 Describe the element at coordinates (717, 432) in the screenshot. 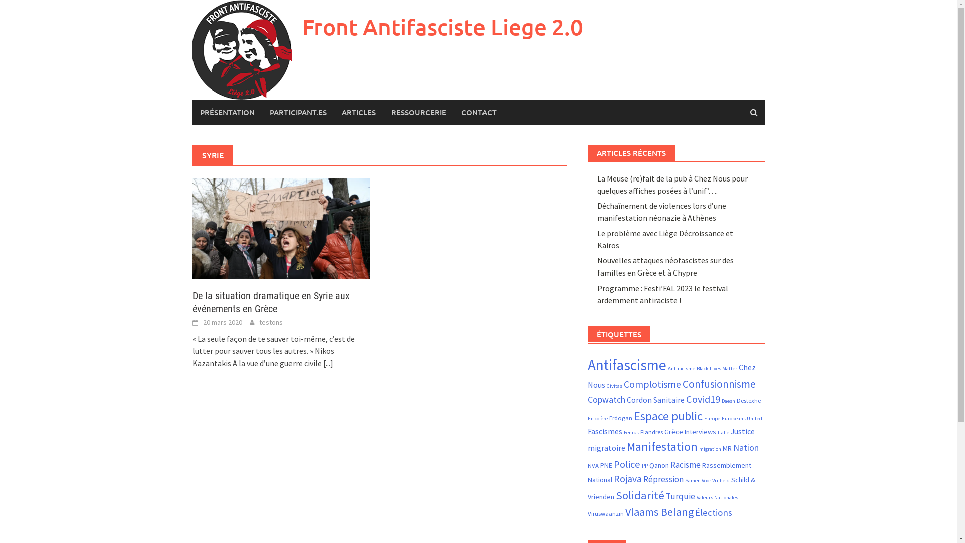

I see `'Italie'` at that location.